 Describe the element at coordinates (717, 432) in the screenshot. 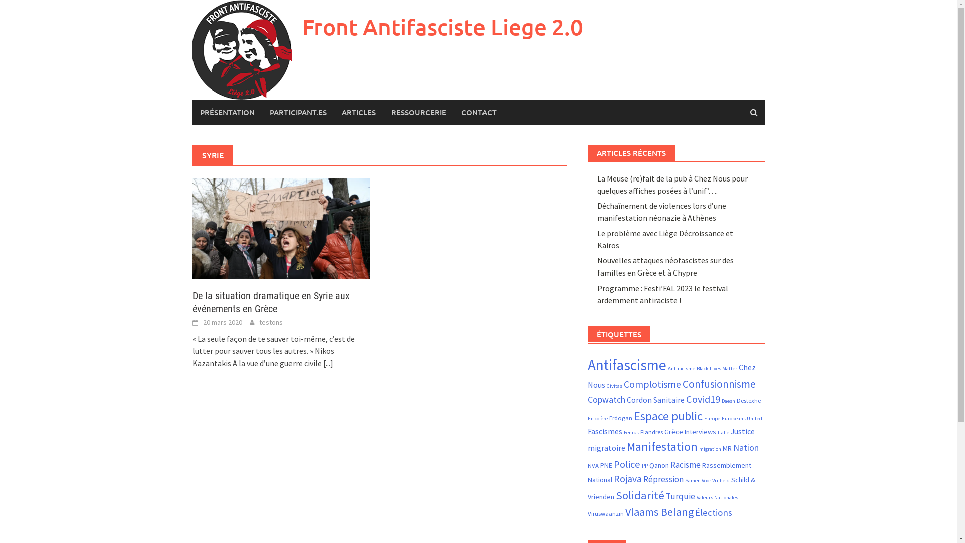

I see `'Italie'` at that location.